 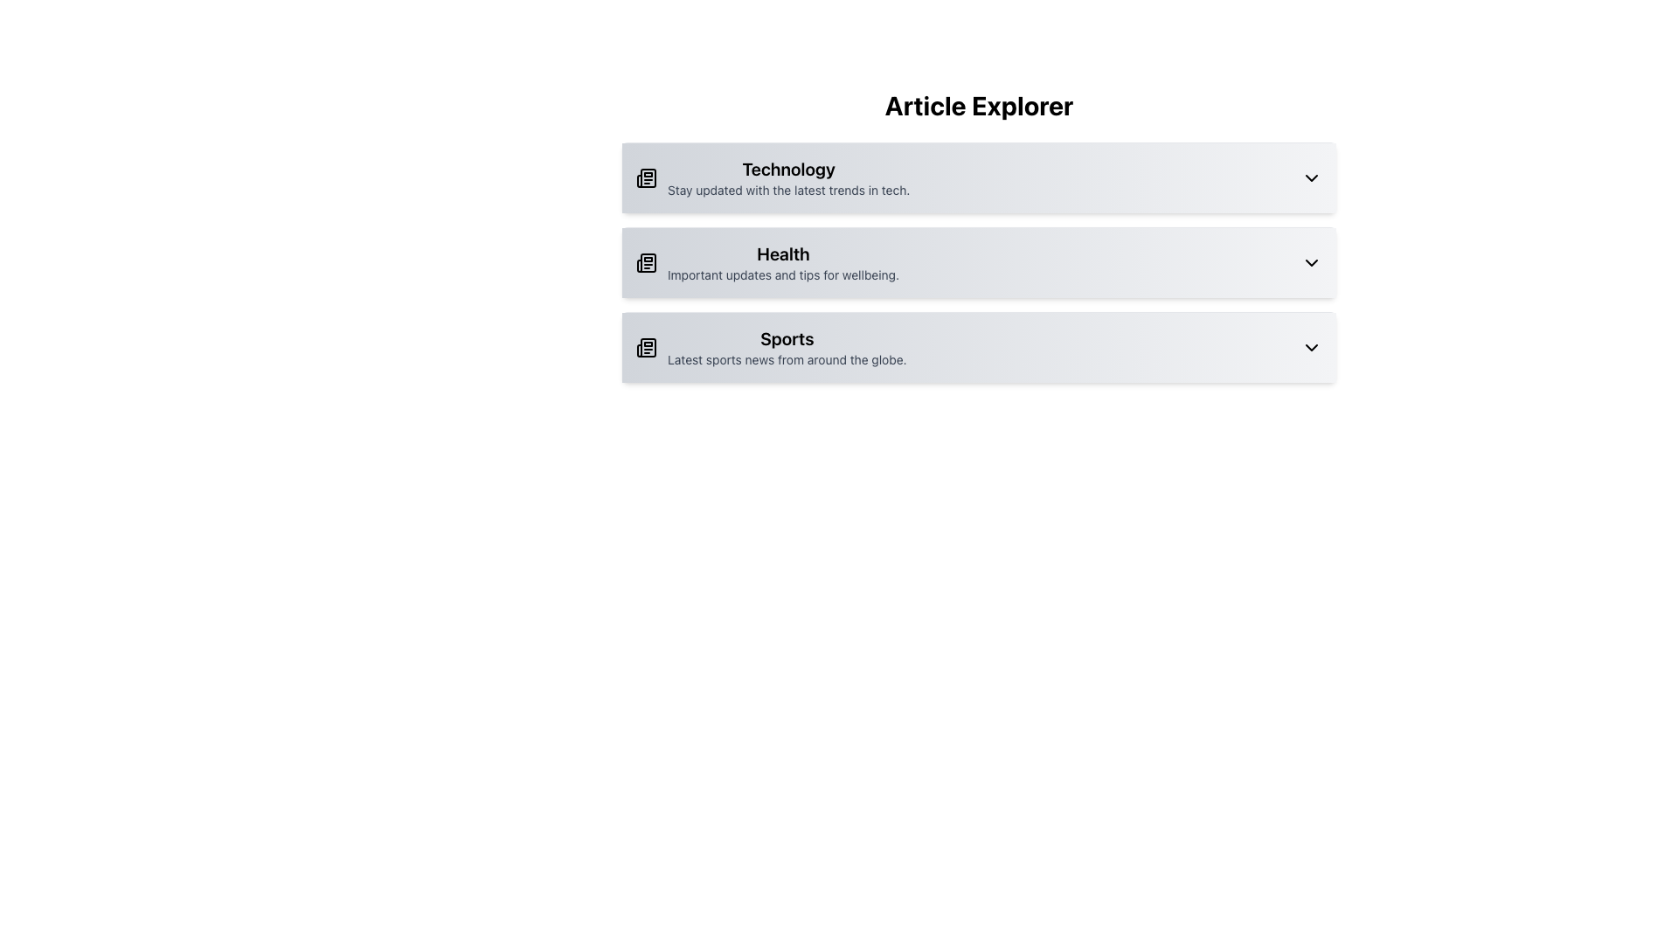 What do you see at coordinates (782, 262) in the screenshot?
I see `the 'Health' text block, which is the second item in the list` at bounding box center [782, 262].